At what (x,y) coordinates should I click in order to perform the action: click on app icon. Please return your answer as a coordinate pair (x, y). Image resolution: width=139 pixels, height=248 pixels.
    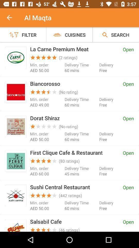
    Looking at the image, I should click on (16, 92).